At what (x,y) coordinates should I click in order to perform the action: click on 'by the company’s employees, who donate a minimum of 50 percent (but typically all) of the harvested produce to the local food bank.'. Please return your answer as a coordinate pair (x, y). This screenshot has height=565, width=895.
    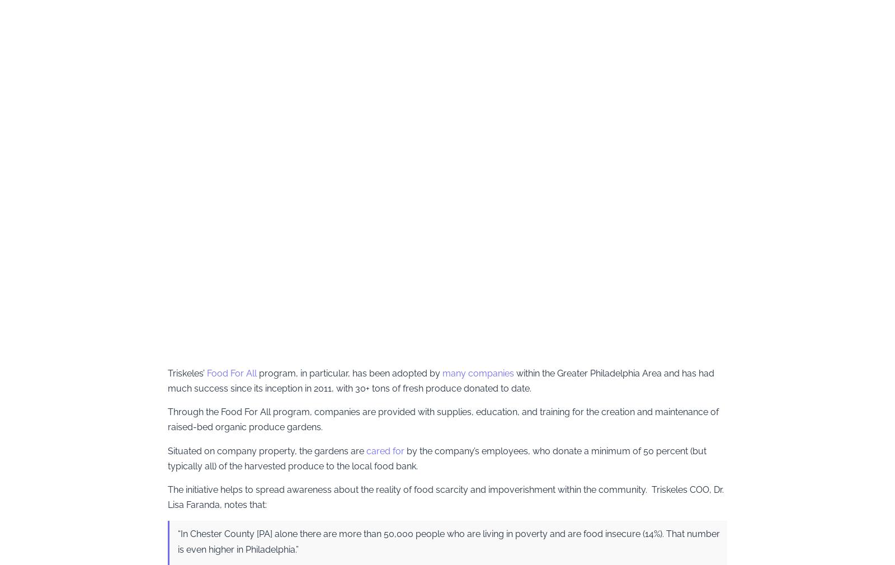
    Looking at the image, I should click on (437, 458).